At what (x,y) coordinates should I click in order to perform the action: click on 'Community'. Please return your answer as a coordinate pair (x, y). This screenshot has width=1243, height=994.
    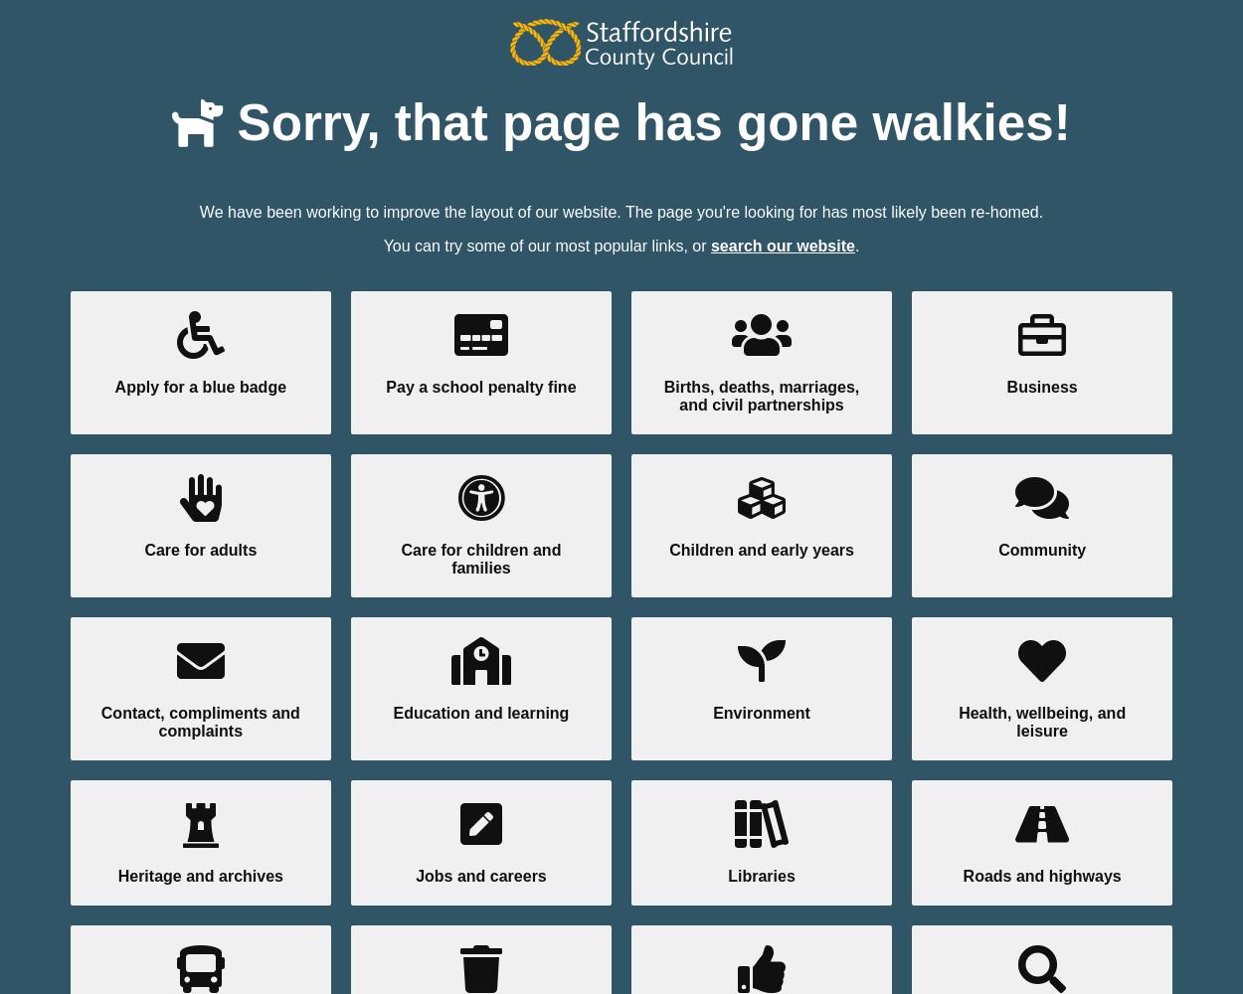
    Looking at the image, I should click on (1042, 549).